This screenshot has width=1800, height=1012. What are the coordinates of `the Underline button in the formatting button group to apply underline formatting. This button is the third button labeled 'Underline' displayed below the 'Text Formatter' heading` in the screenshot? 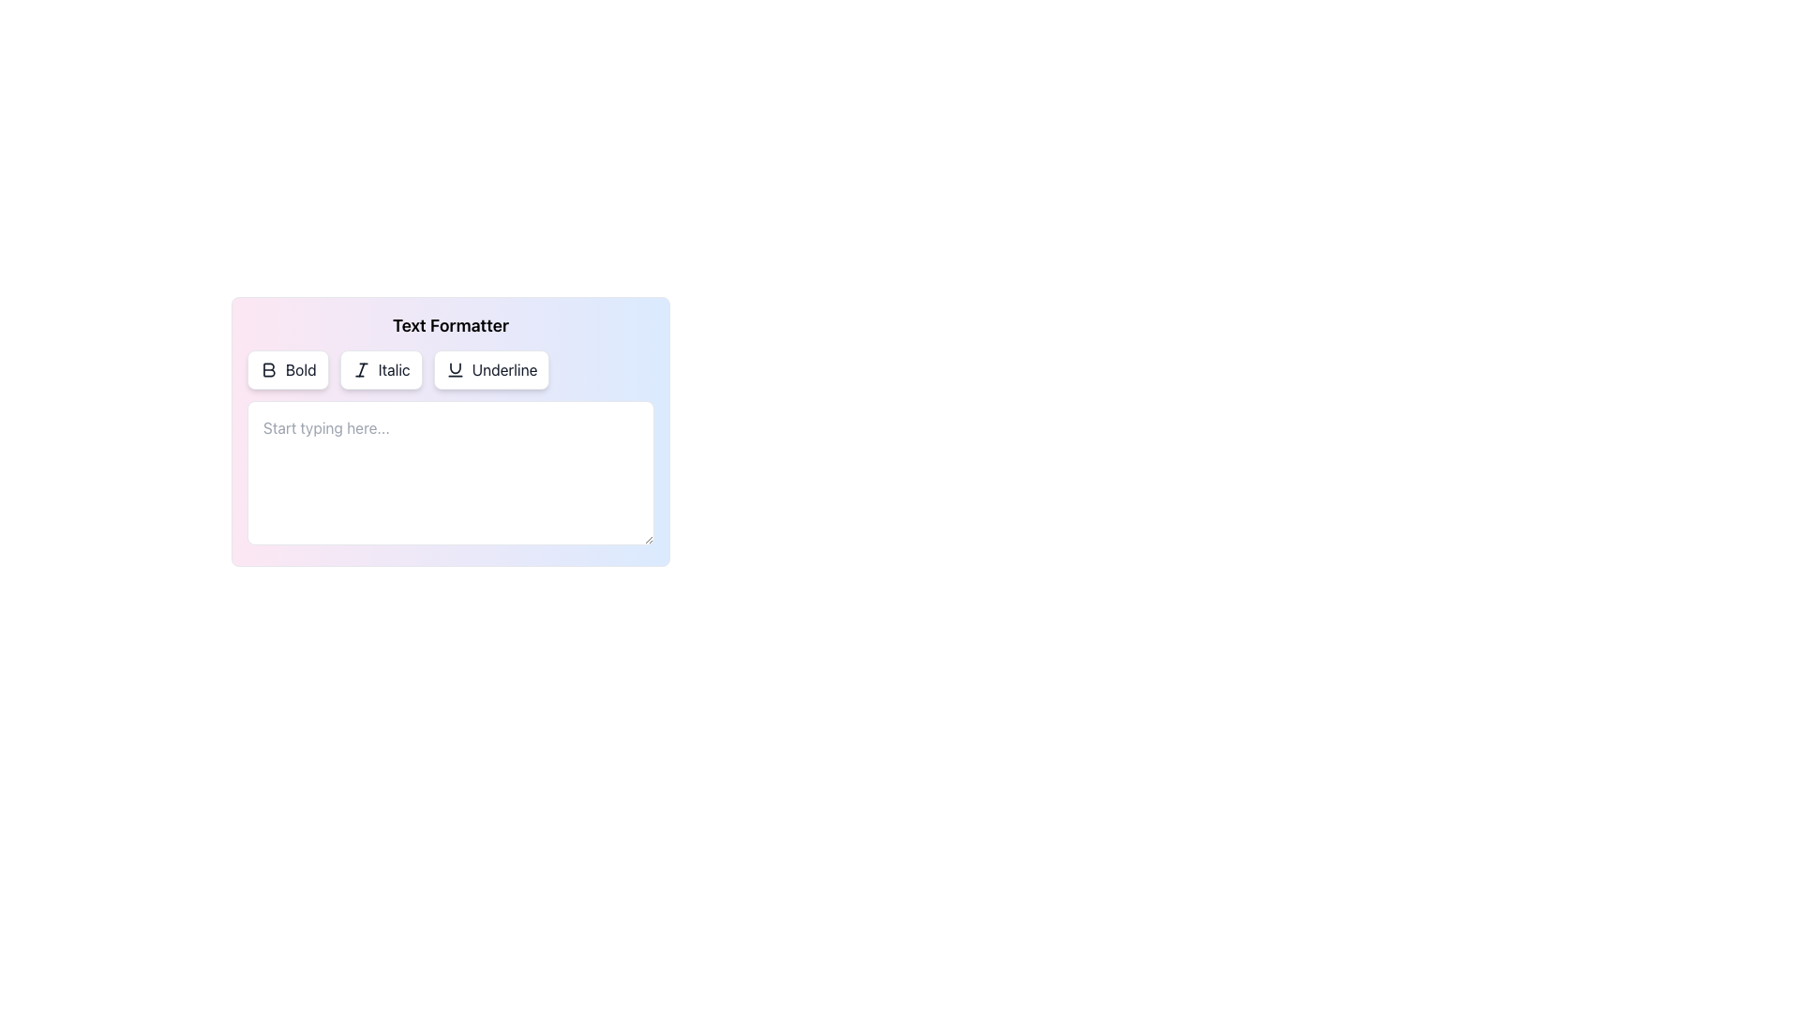 It's located at (450, 369).